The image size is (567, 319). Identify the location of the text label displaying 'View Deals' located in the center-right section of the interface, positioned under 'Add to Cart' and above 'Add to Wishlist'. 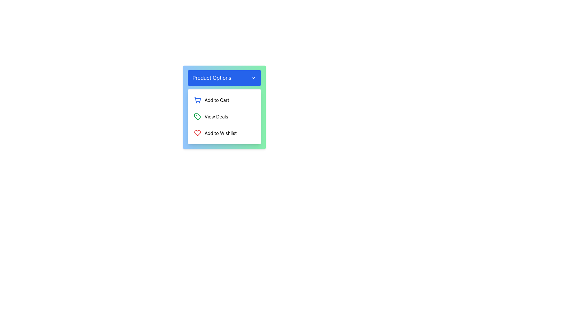
(216, 116).